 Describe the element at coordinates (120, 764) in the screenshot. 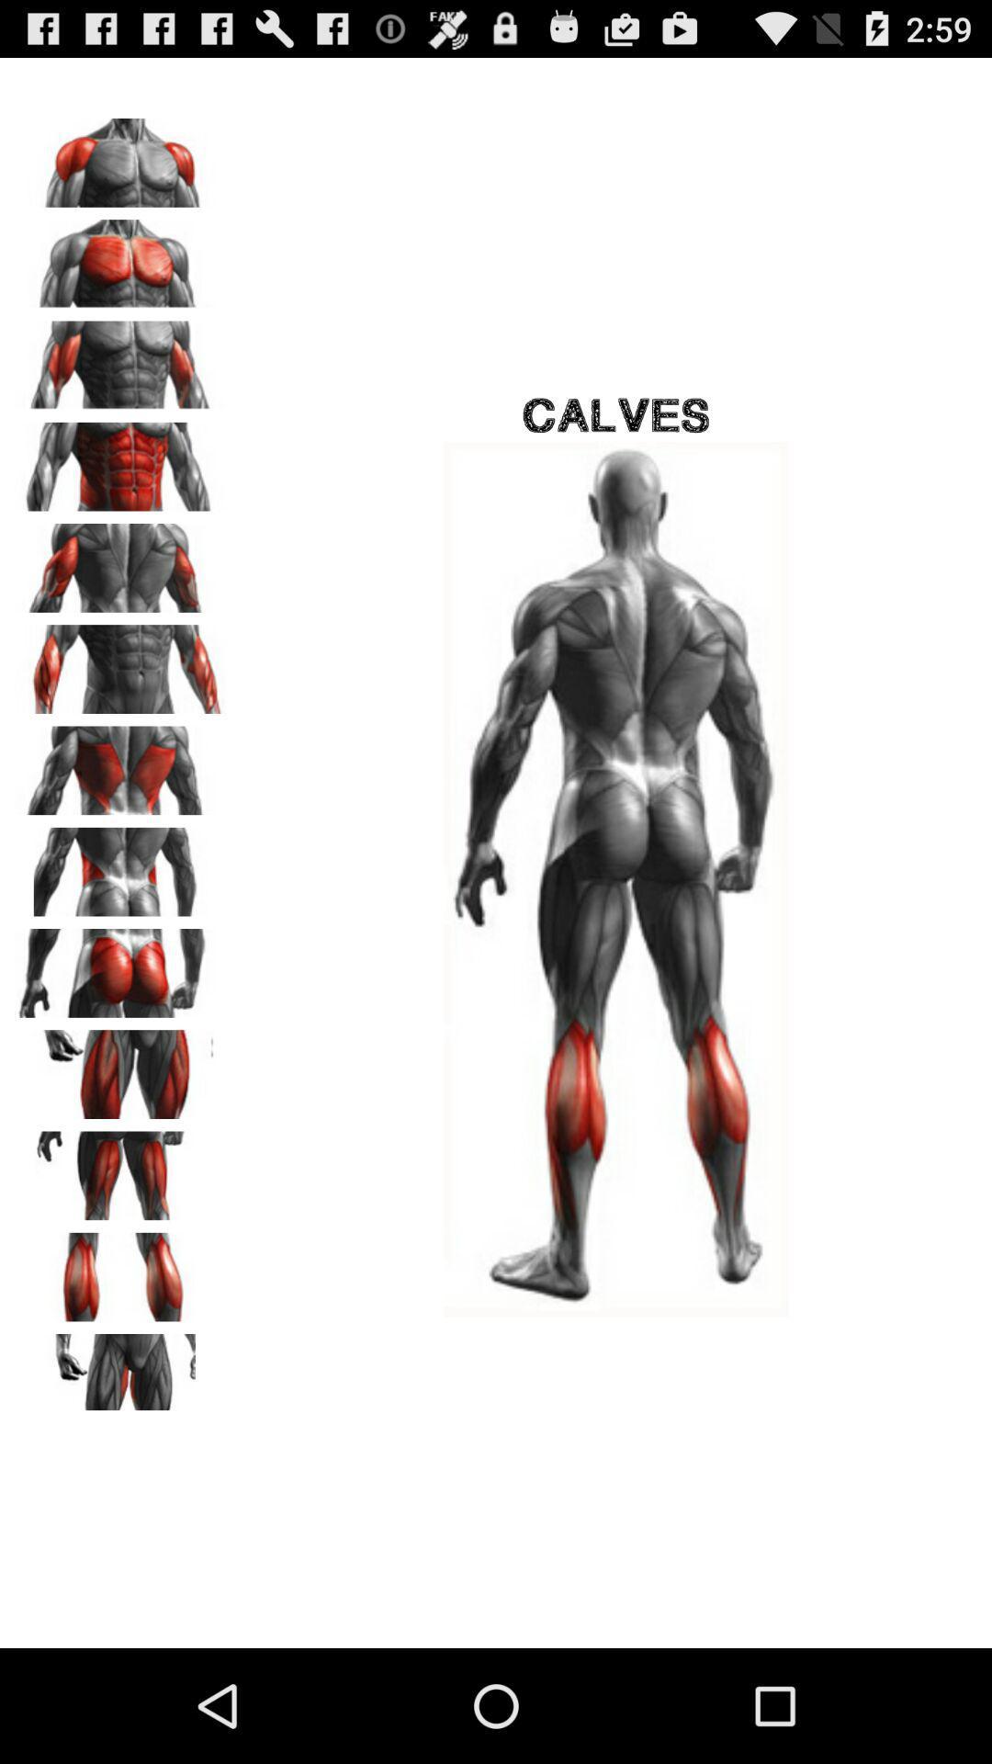

I see `shows one of the option area` at that location.